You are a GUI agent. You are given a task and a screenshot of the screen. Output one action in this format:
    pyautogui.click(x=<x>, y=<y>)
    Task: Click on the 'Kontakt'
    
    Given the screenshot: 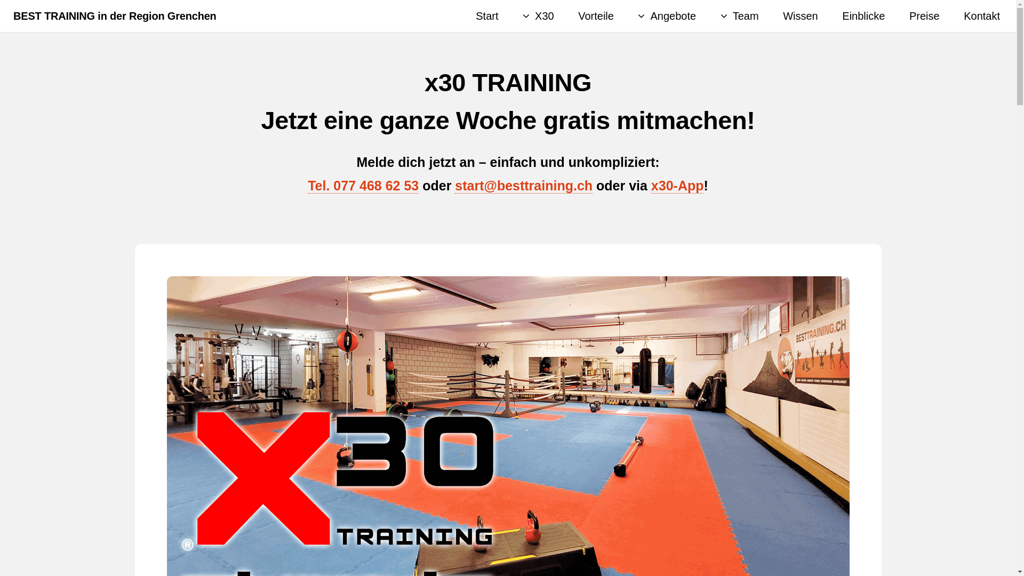 What is the action you would take?
    pyautogui.click(x=981, y=16)
    